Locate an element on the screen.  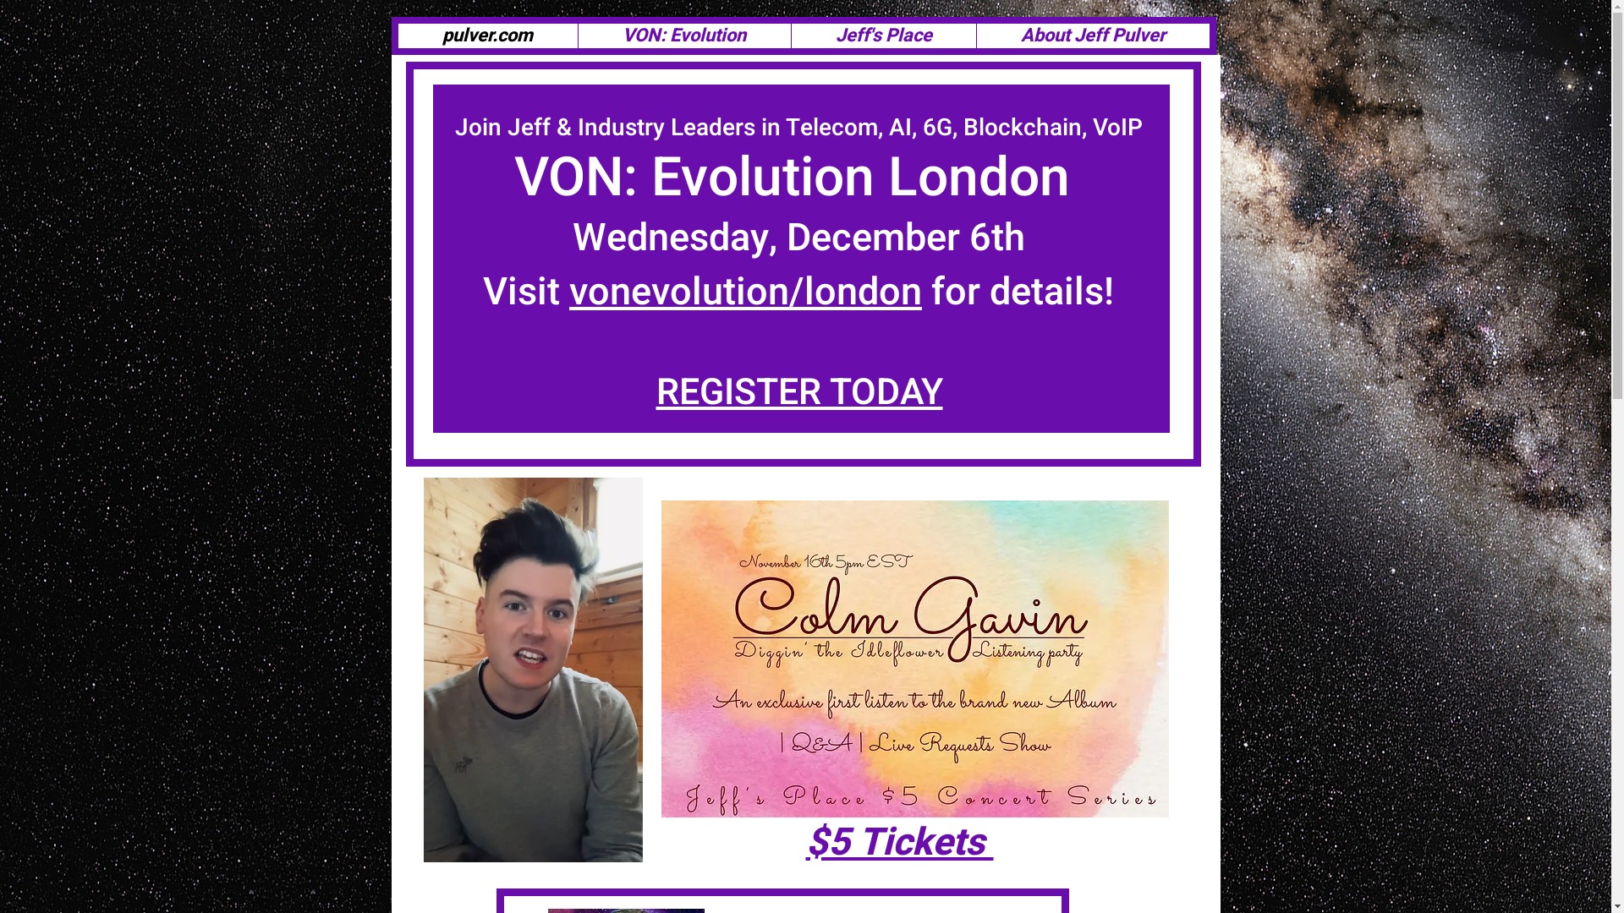
'About Jeff Pulver' is located at coordinates (1092, 36).